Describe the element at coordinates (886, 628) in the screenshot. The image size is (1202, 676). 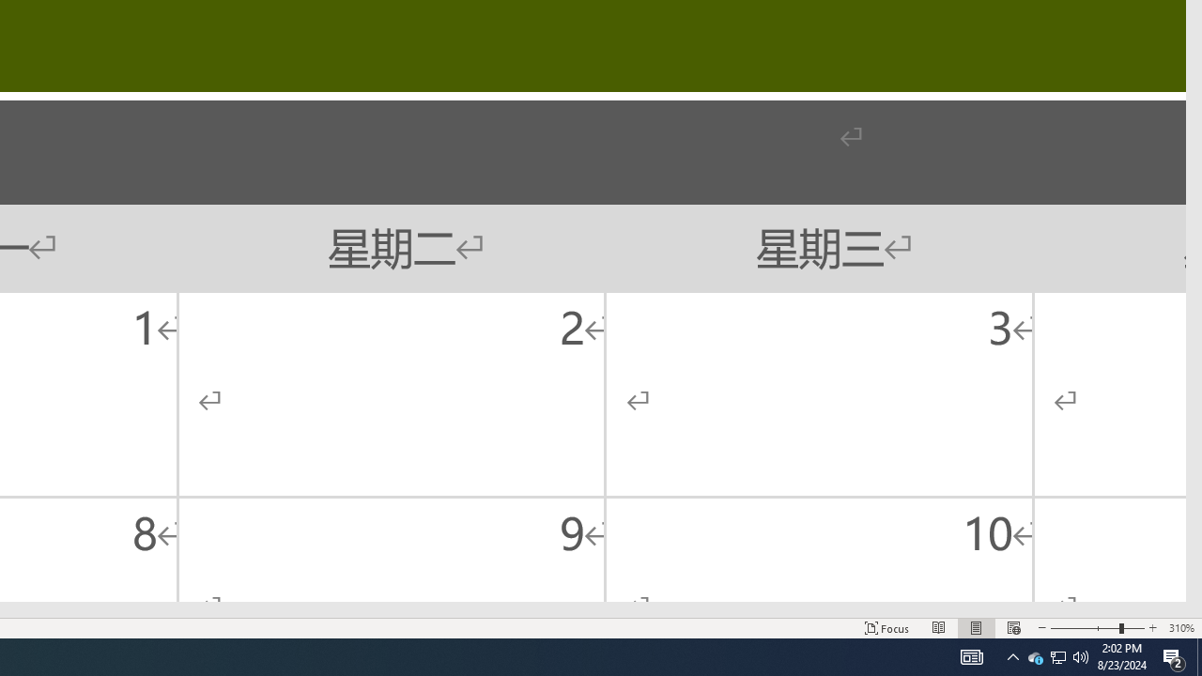
I see `'Focus '` at that location.